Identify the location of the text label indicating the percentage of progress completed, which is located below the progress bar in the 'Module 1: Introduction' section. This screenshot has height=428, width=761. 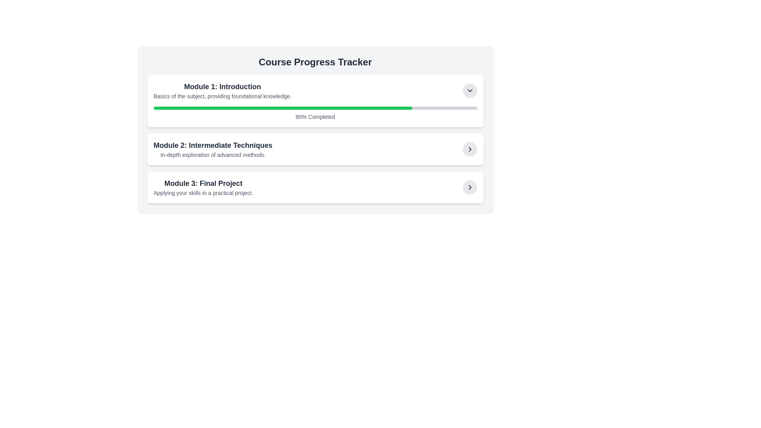
(315, 117).